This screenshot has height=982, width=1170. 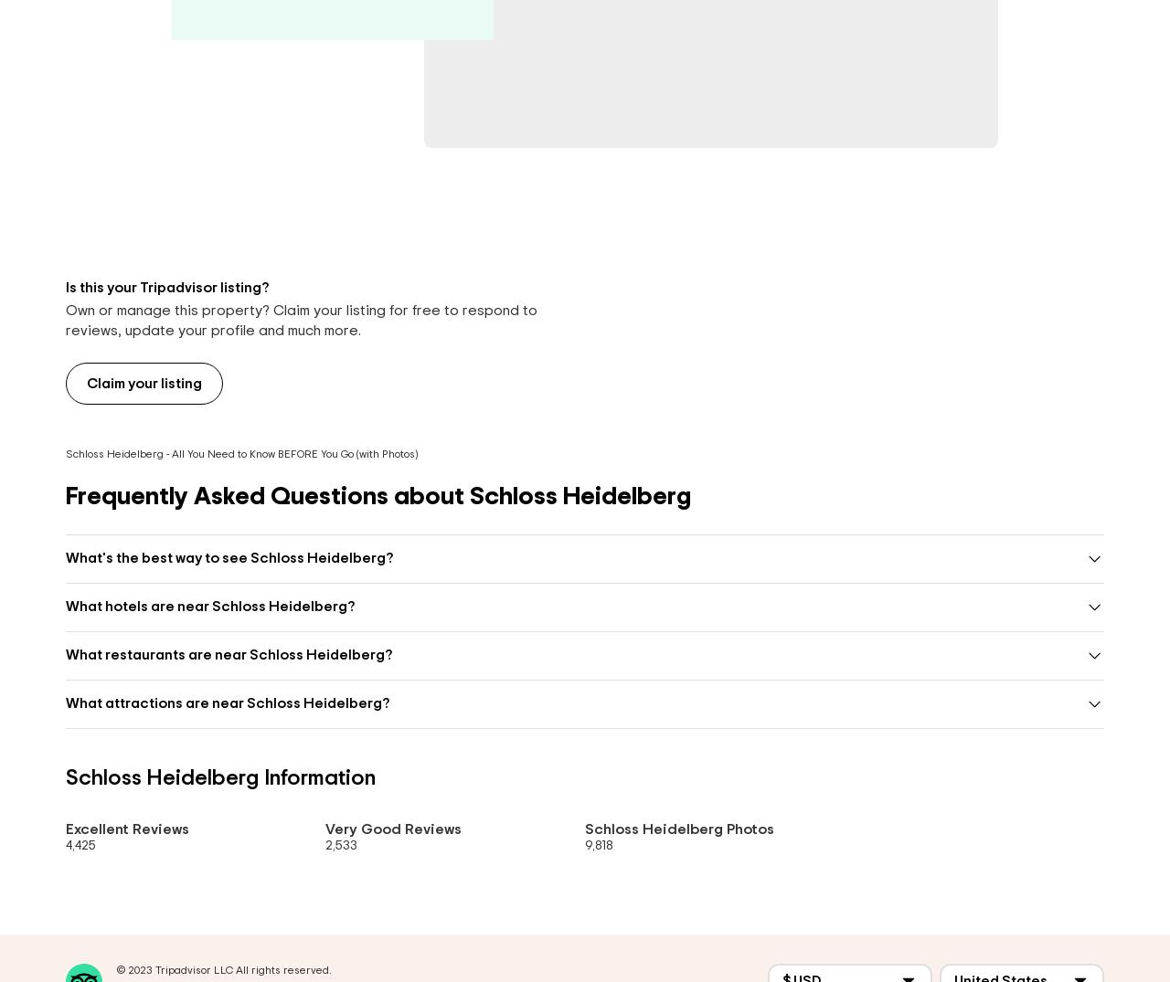 What do you see at coordinates (341, 845) in the screenshot?
I see `'2,533'` at bounding box center [341, 845].